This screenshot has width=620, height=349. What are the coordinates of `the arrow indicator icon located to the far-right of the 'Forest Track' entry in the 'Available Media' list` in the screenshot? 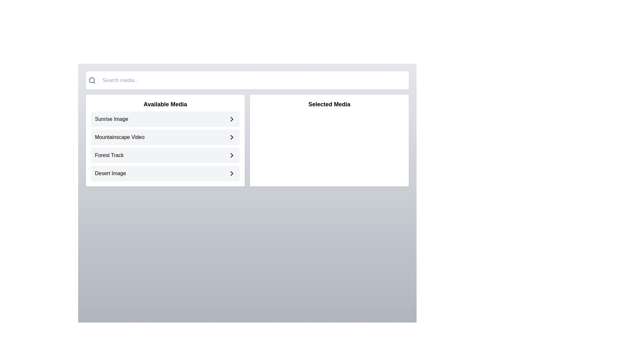 It's located at (232, 155).